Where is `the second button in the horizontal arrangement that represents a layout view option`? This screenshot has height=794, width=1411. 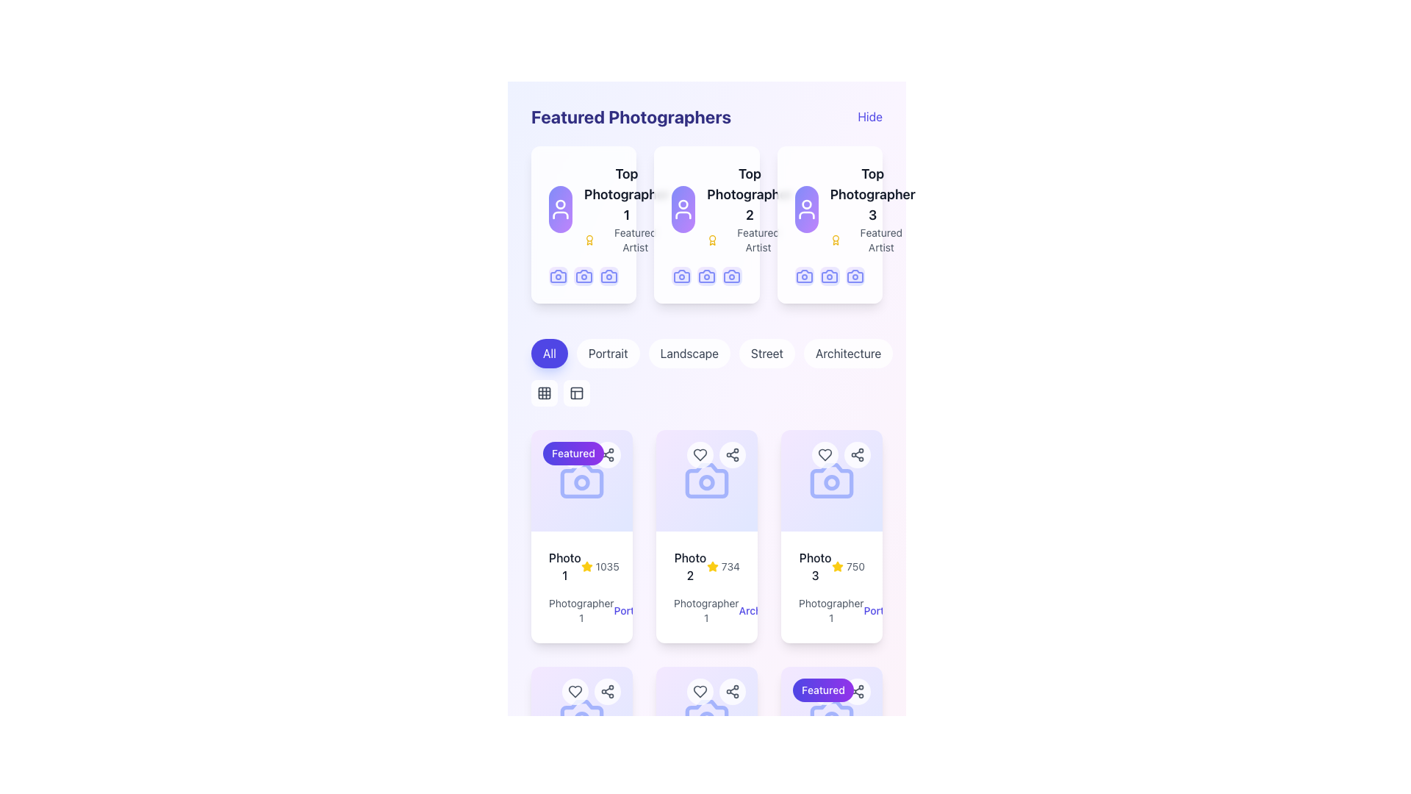 the second button in the horizontal arrangement that represents a layout view option is located at coordinates (576, 393).